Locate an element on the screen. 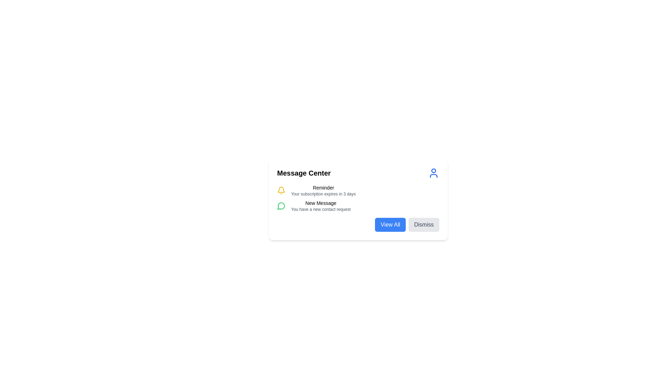 This screenshot has width=671, height=377. notification text block titled 'New Message' which contains the content 'You have a new contact request' within the Message Center panel is located at coordinates (320, 206).